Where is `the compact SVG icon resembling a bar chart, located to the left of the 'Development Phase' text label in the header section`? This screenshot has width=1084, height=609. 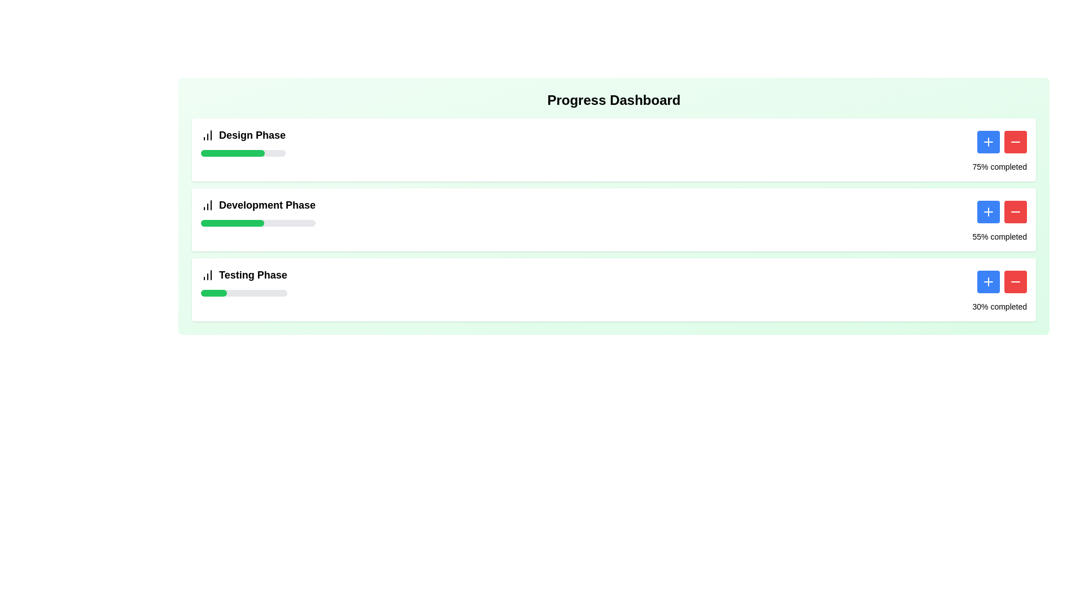
the compact SVG icon resembling a bar chart, located to the left of the 'Development Phase' text label in the header section is located at coordinates (208, 205).